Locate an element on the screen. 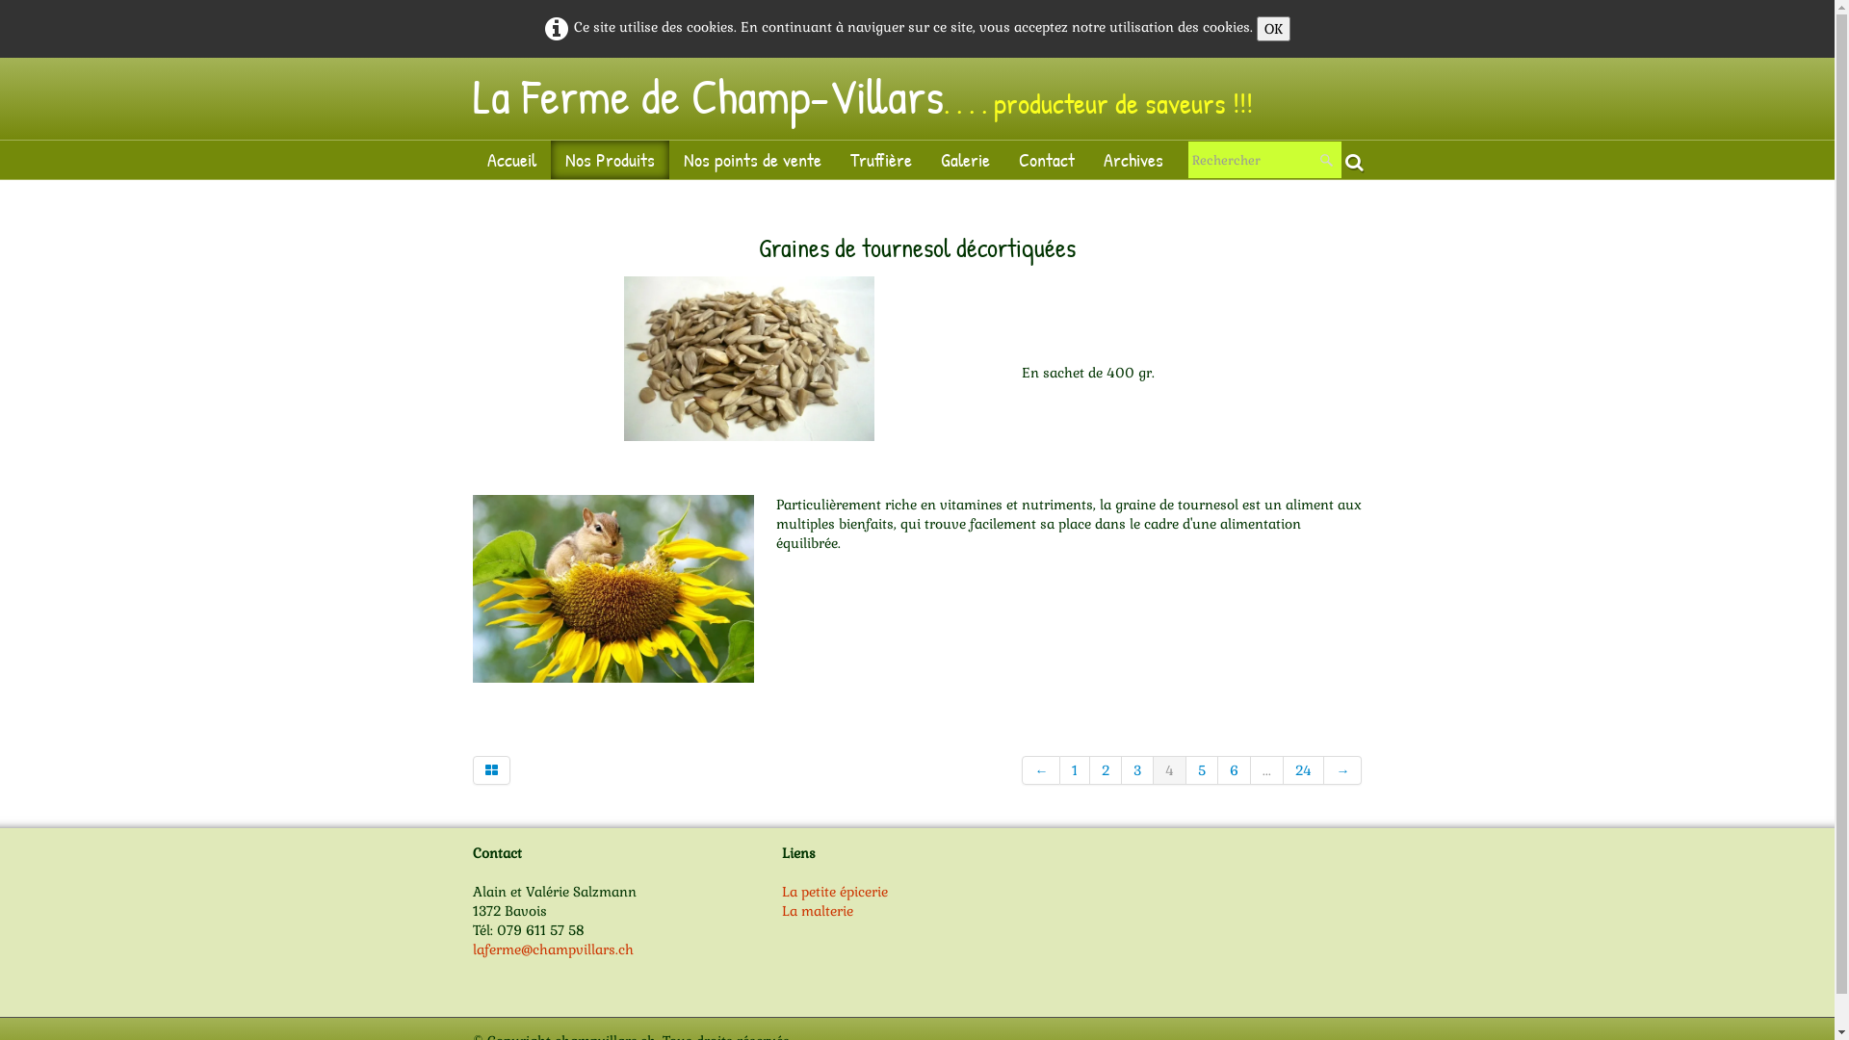  'Contact' is located at coordinates (1044, 158).